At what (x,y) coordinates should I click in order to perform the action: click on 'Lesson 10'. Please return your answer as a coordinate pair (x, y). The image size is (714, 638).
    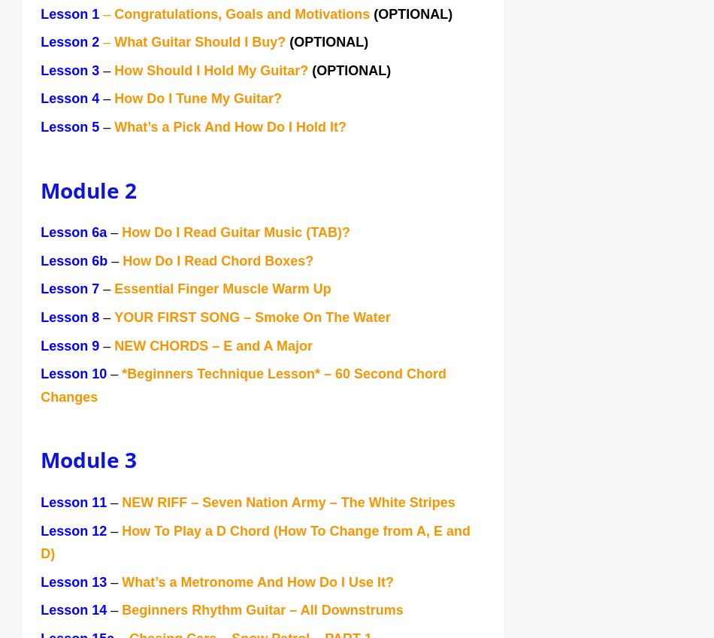
    Looking at the image, I should click on (74, 375).